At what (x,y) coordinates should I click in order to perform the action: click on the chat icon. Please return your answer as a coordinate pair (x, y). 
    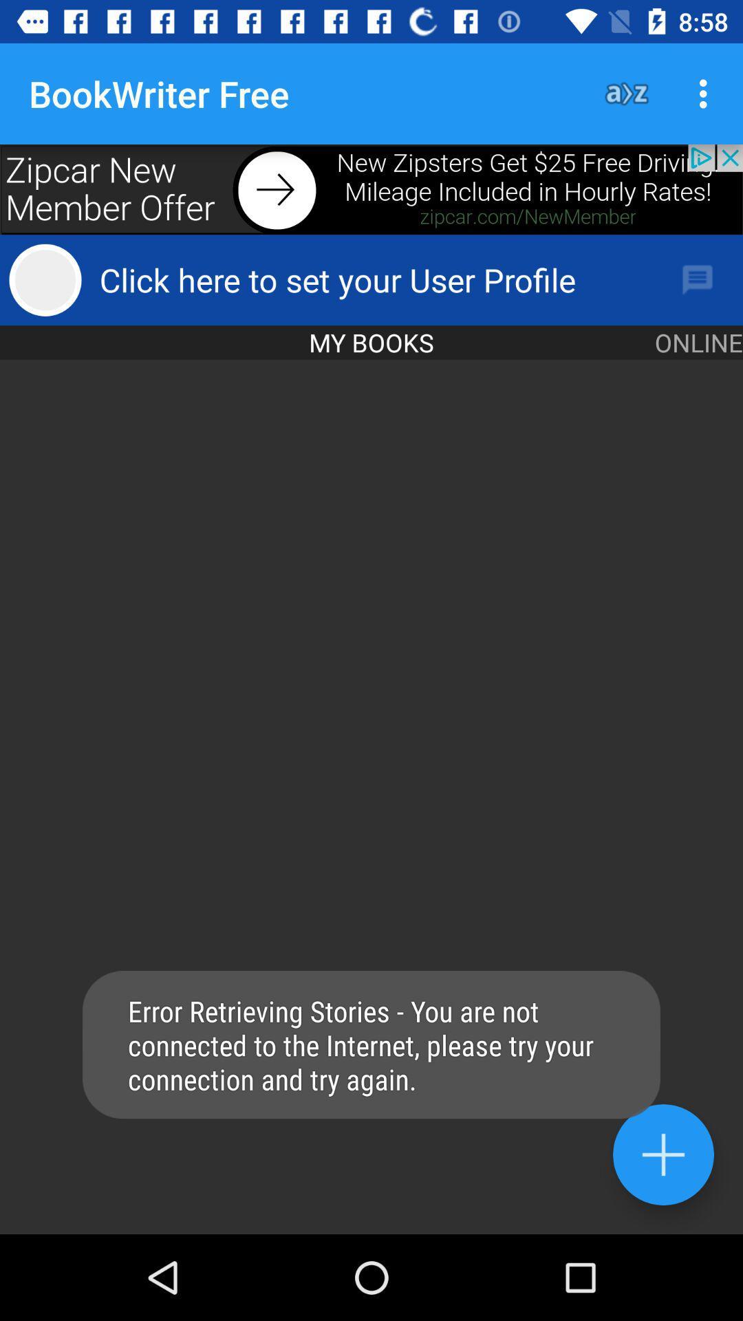
    Looking at the image, I should click on (698, 279).